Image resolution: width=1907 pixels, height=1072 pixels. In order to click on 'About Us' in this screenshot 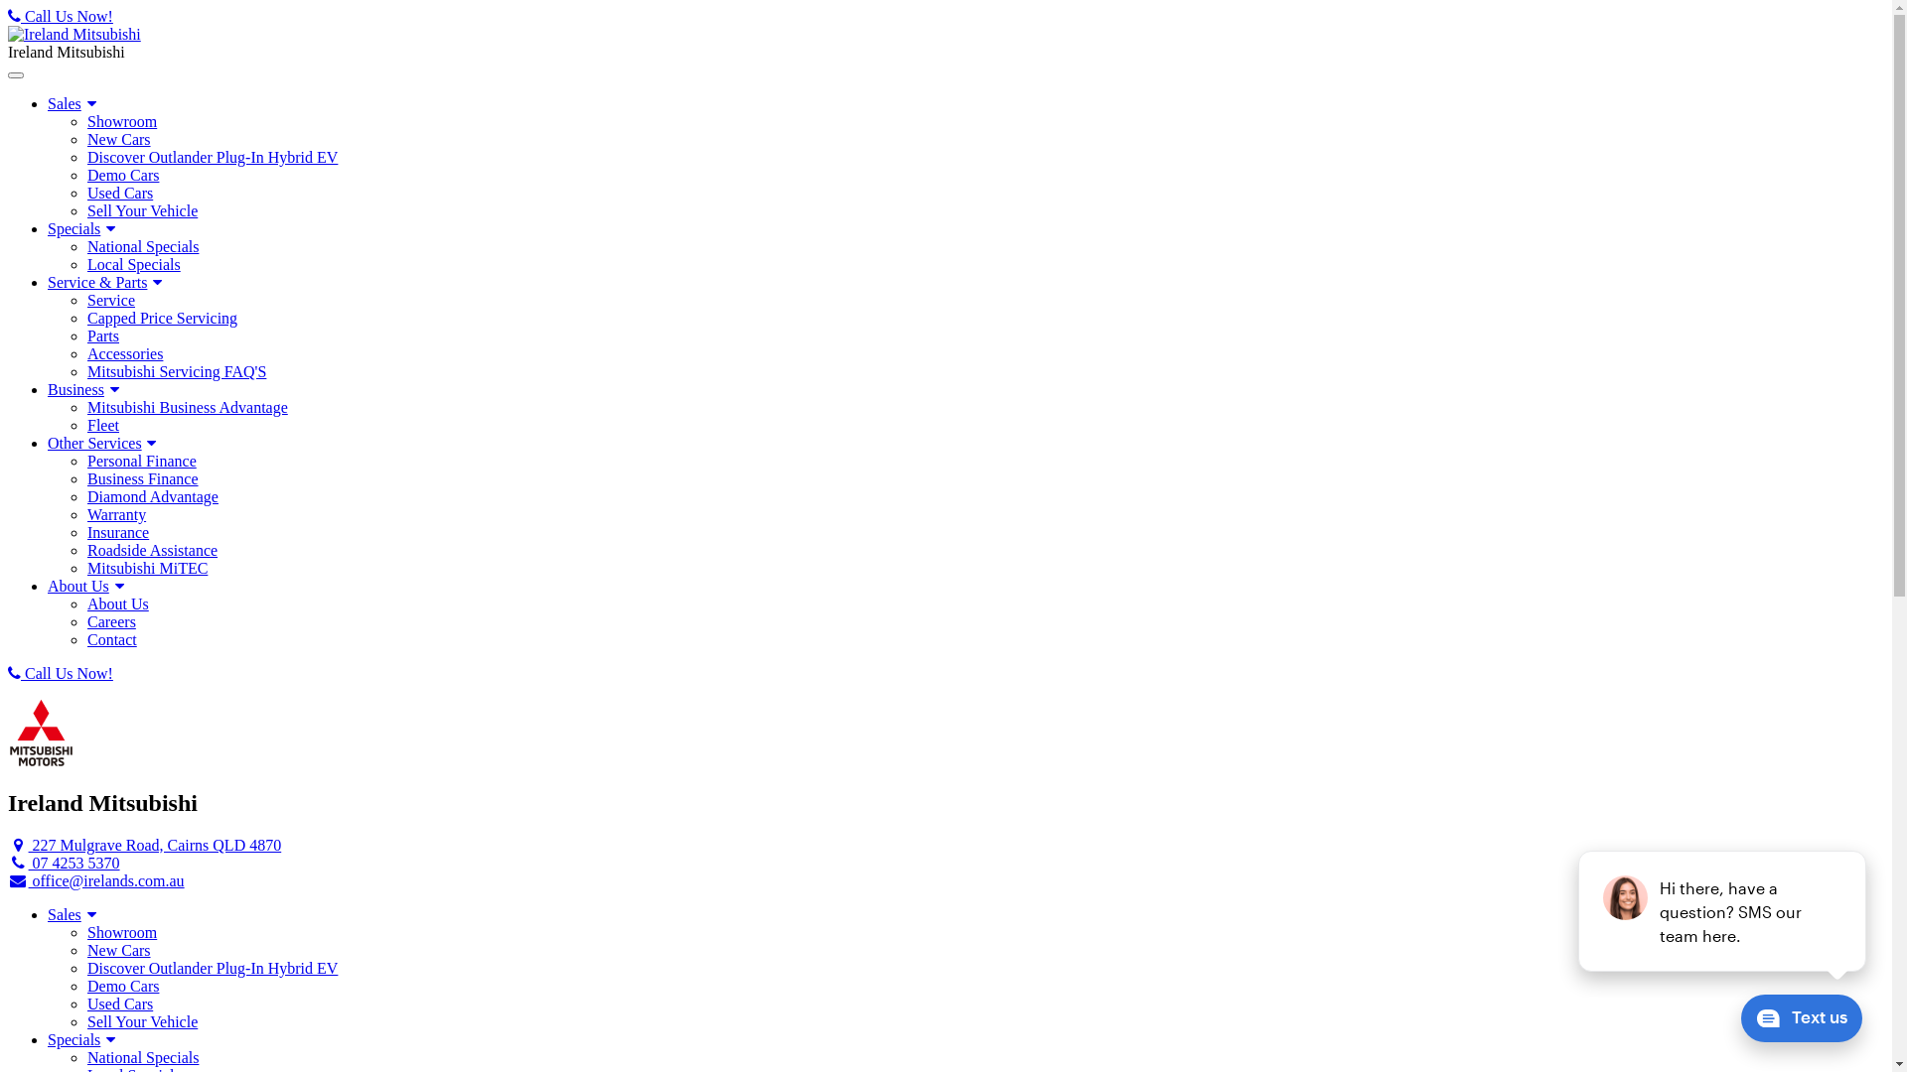, I will do `click(87, 585)`.